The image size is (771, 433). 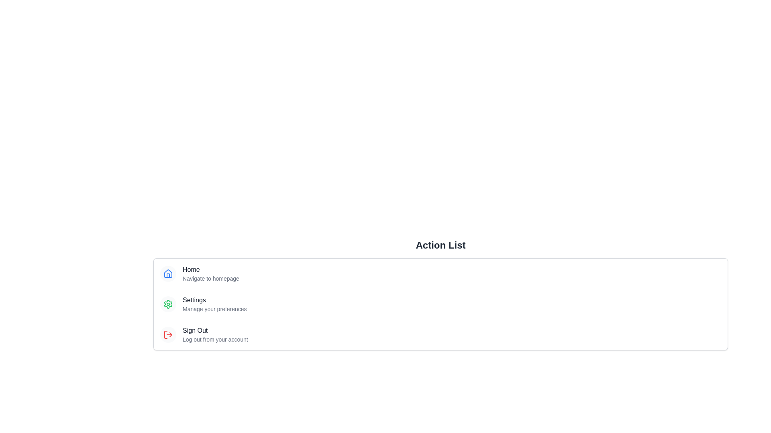 What do you see at coordinates (215, 340) in the screenshot?
I see `the small gray text located below the 'Sign Out' label in the action list` at bounding box center [215, 340].